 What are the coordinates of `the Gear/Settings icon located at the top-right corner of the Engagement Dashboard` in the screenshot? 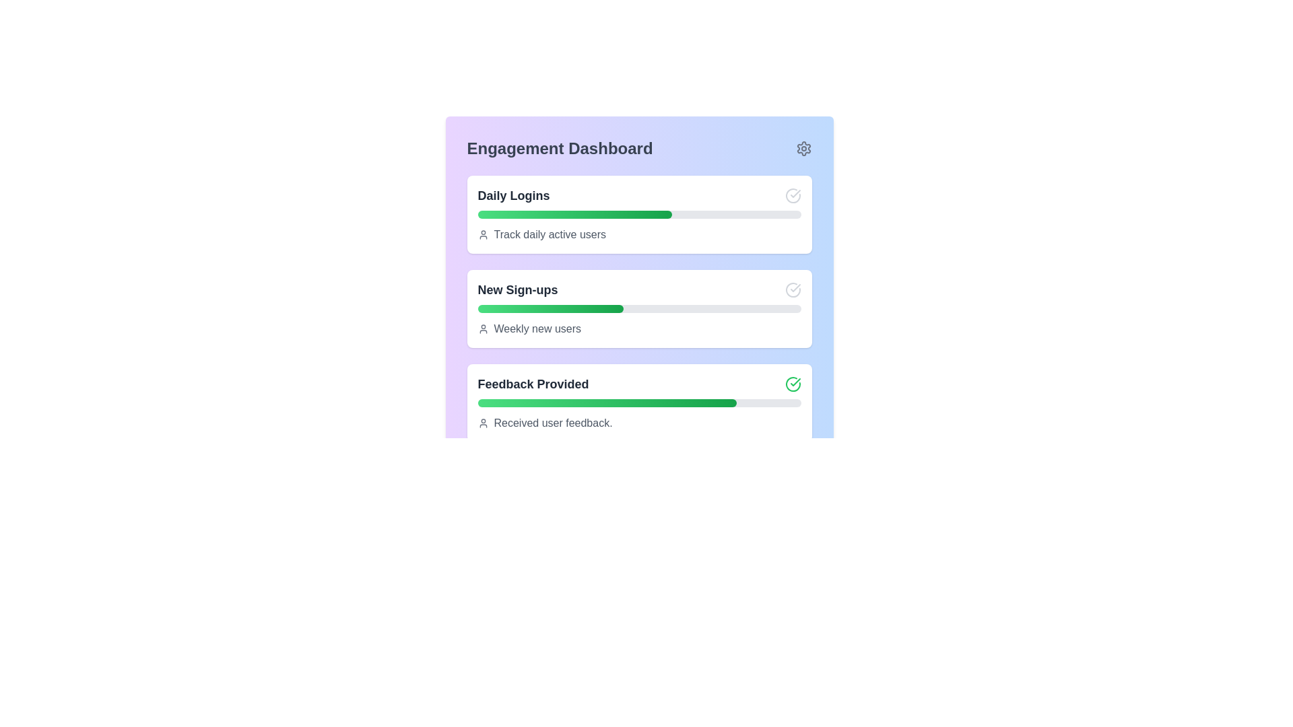 It's located at (803, 148).